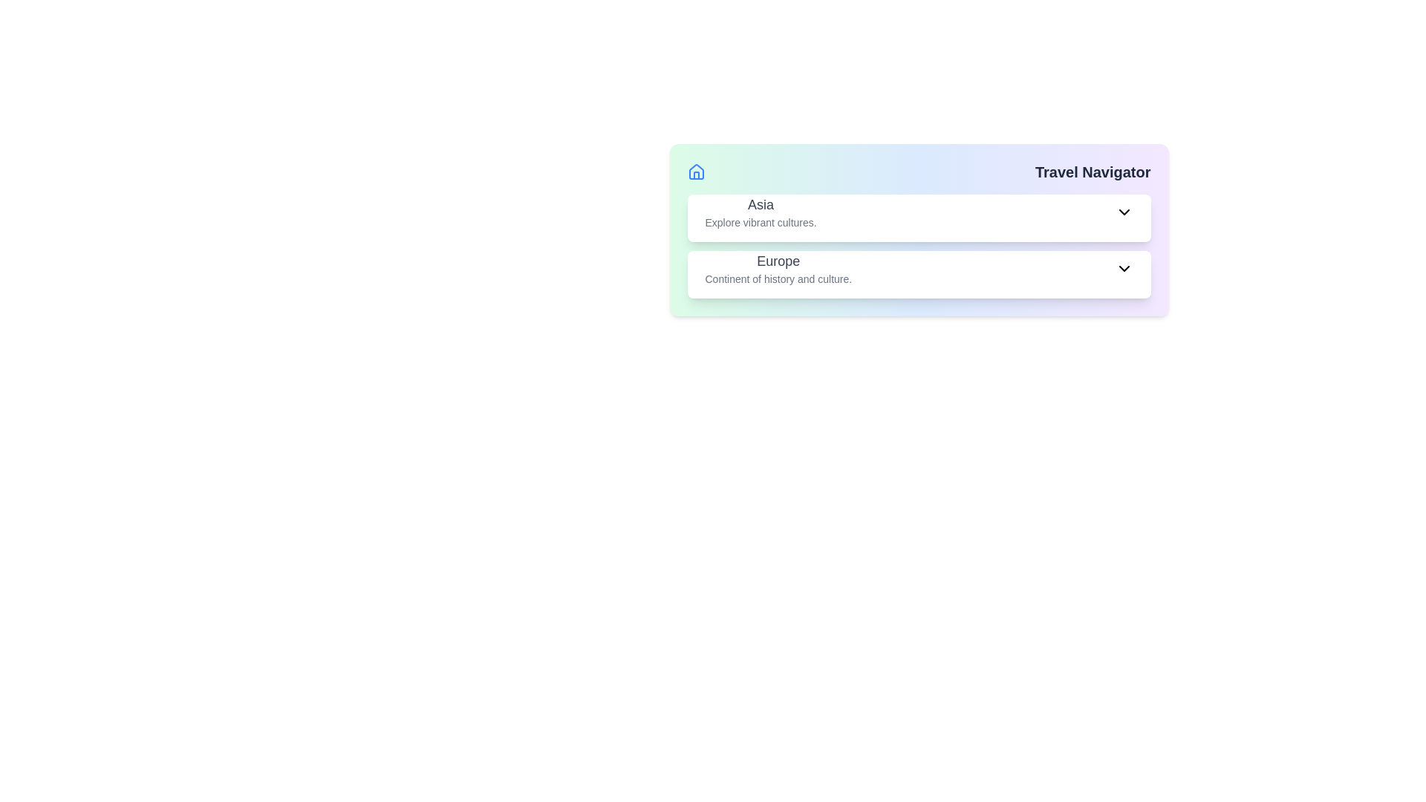 The height and width of the screenshot is (802, 1426). Describe the element at coordinates (761, 212) in the screenshot. I see `the Text Display element that serves as a title and subtitle for the 'Asia' section, which is positioned at the top left corner of the first card in a vertical list` at that location.